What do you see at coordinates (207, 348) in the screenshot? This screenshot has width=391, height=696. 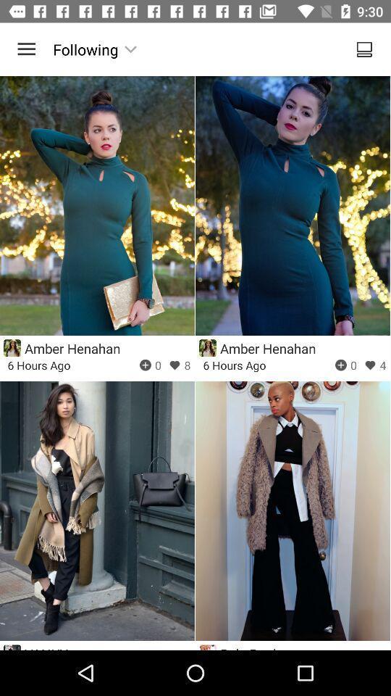 I see `go to user 's profile` at bounding box center [207, 348].